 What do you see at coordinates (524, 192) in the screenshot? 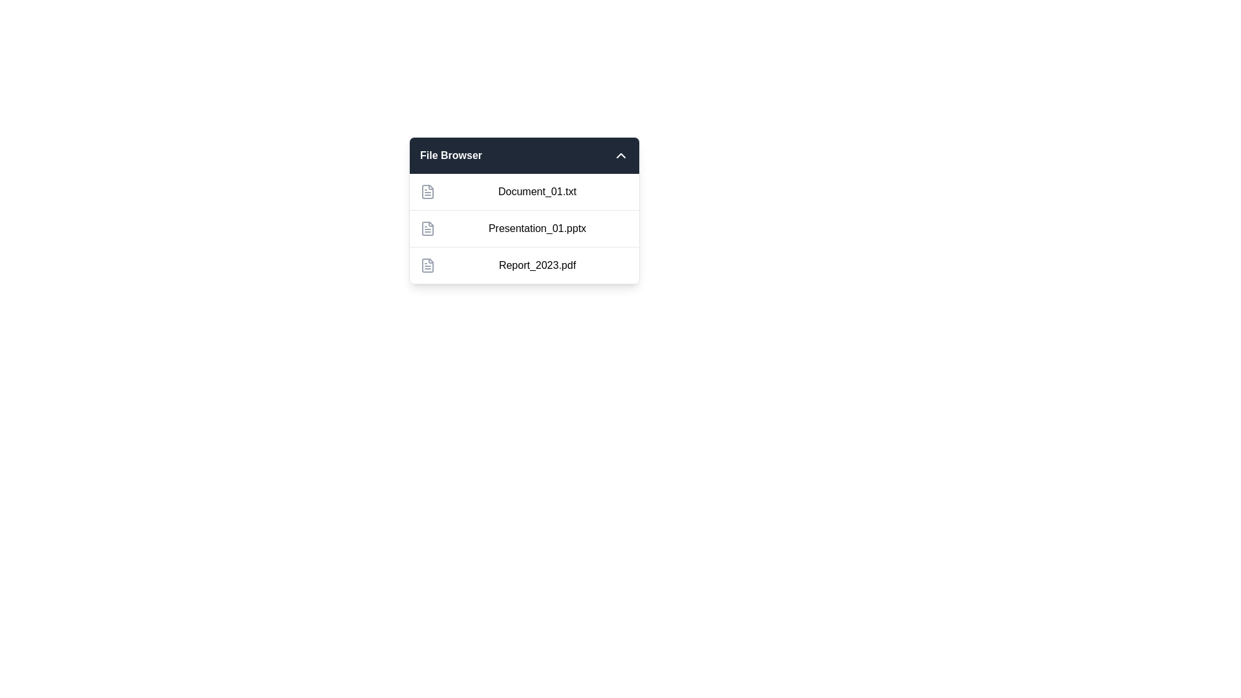
I see `the file Document_01.txt from the list` at bounding box center [524, 192].